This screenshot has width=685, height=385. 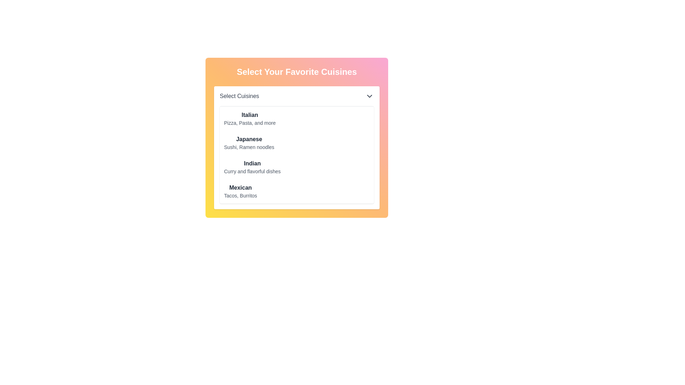 I want to click on the 'Indian' cuisine option in the dropdown list under the 'Select Cuisines' section, so click(x=252, y=167).